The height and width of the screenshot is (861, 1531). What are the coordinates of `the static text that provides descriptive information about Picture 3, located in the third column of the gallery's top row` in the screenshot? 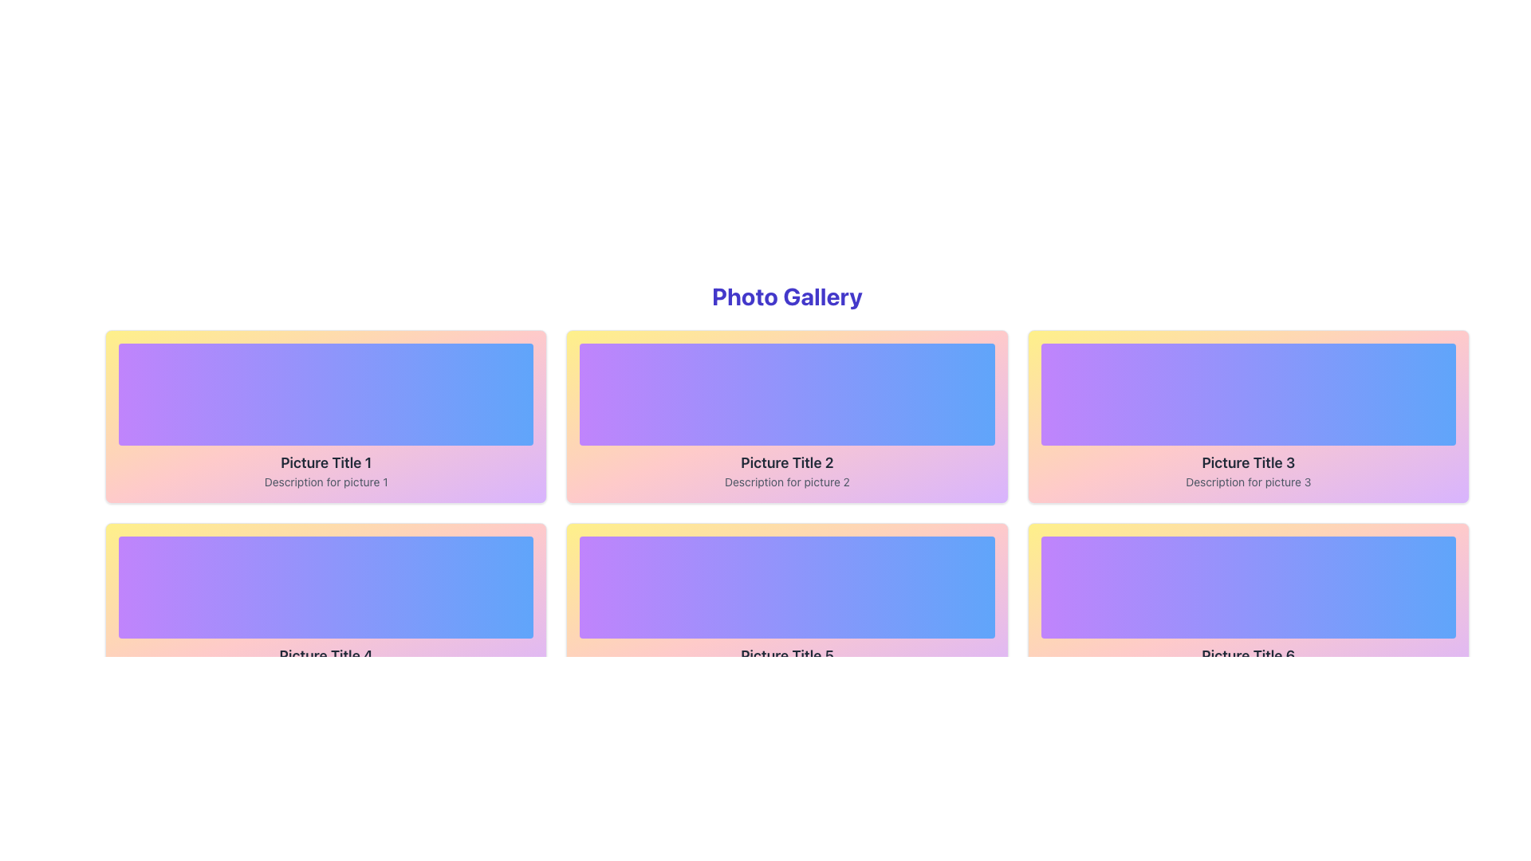 It's located at (1247, 482).